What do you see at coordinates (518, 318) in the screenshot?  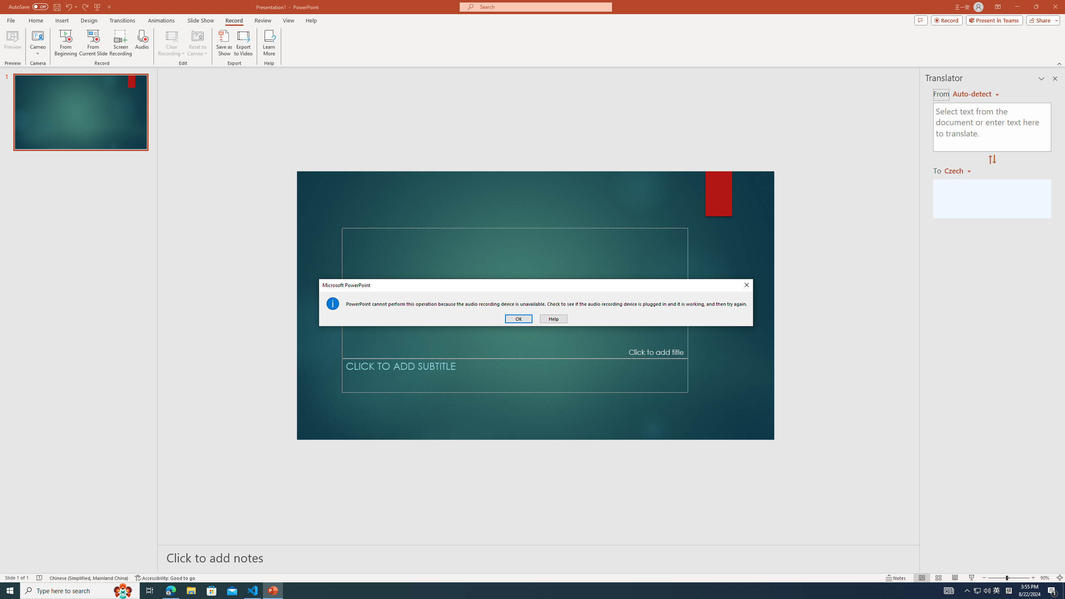 I see `'OK'` at bounding box center [518, 318].